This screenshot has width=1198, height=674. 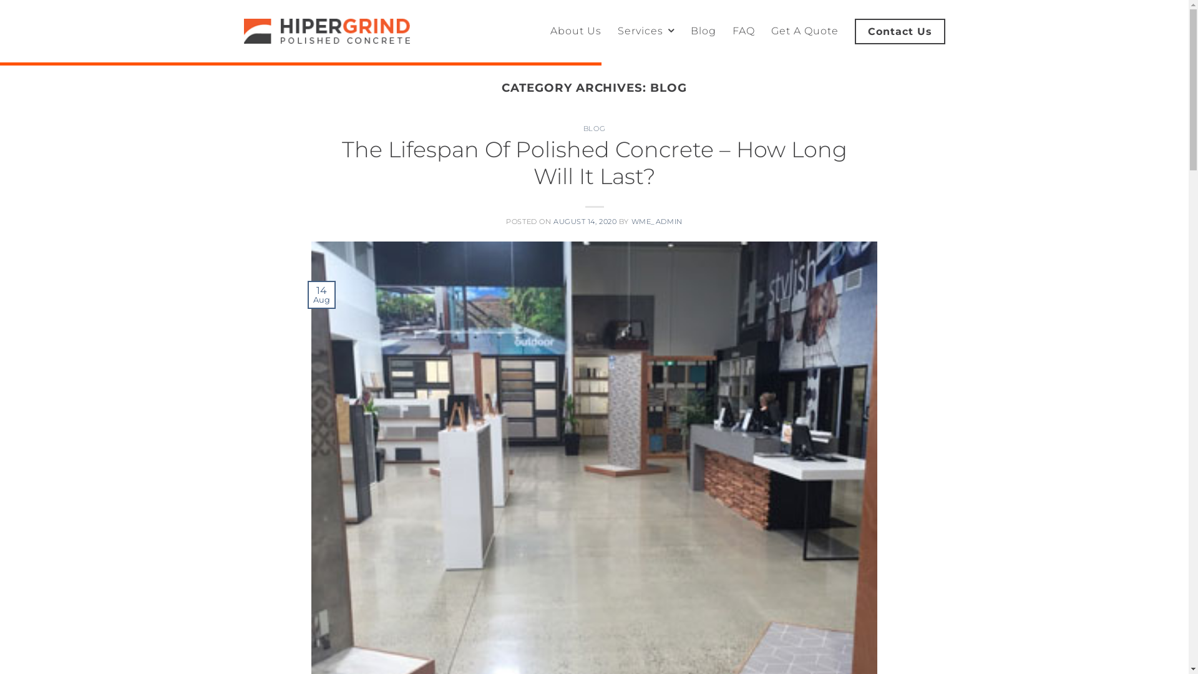 What do you see at coordinates (584, 220) in the screenshot?
I see `'AUGUST 14, 2020'` at bounding box center [584, 220].